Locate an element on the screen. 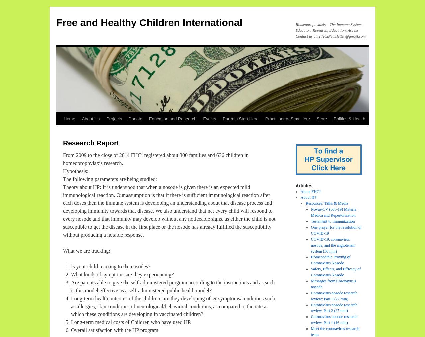  'Homeopathic Proving of Coronavirus Nosode' is located at coordinates (330, 260).